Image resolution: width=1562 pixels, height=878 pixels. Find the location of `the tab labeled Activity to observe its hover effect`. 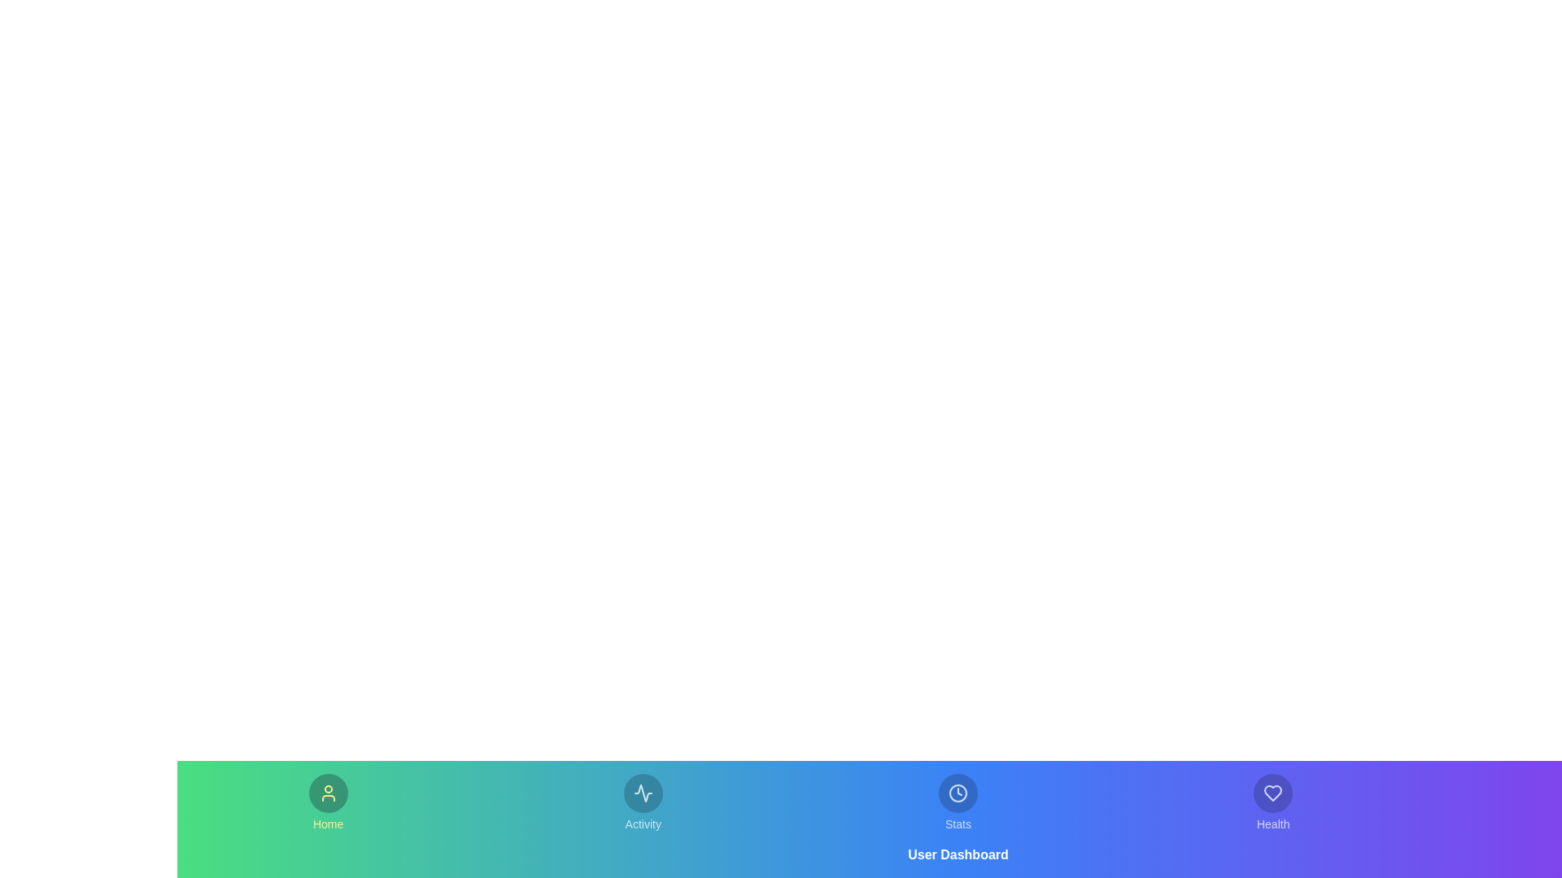

the tab labeled Activity to observe its hover effect is located at coordinates (642, 802).